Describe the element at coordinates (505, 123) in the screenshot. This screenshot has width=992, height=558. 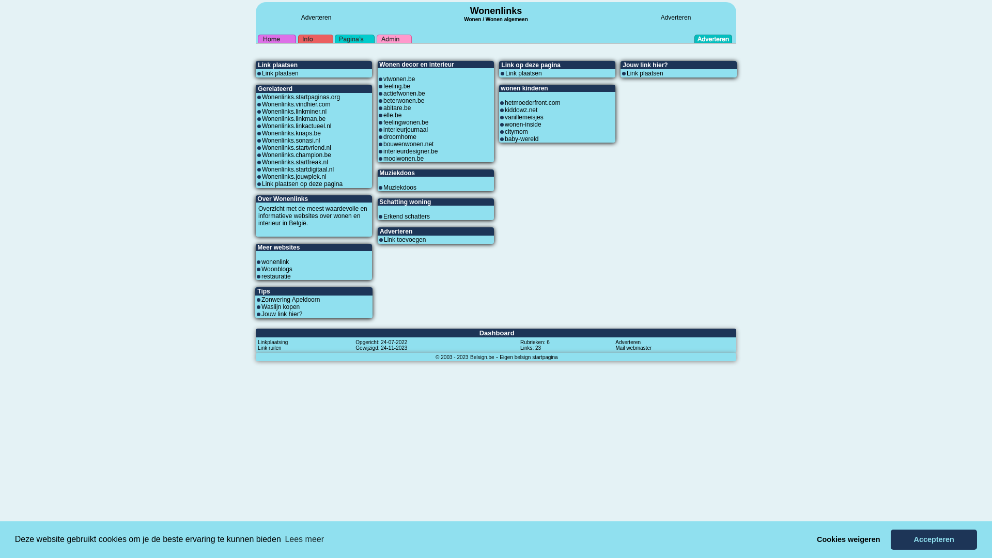
I see `'wonen-inside'` at that location.